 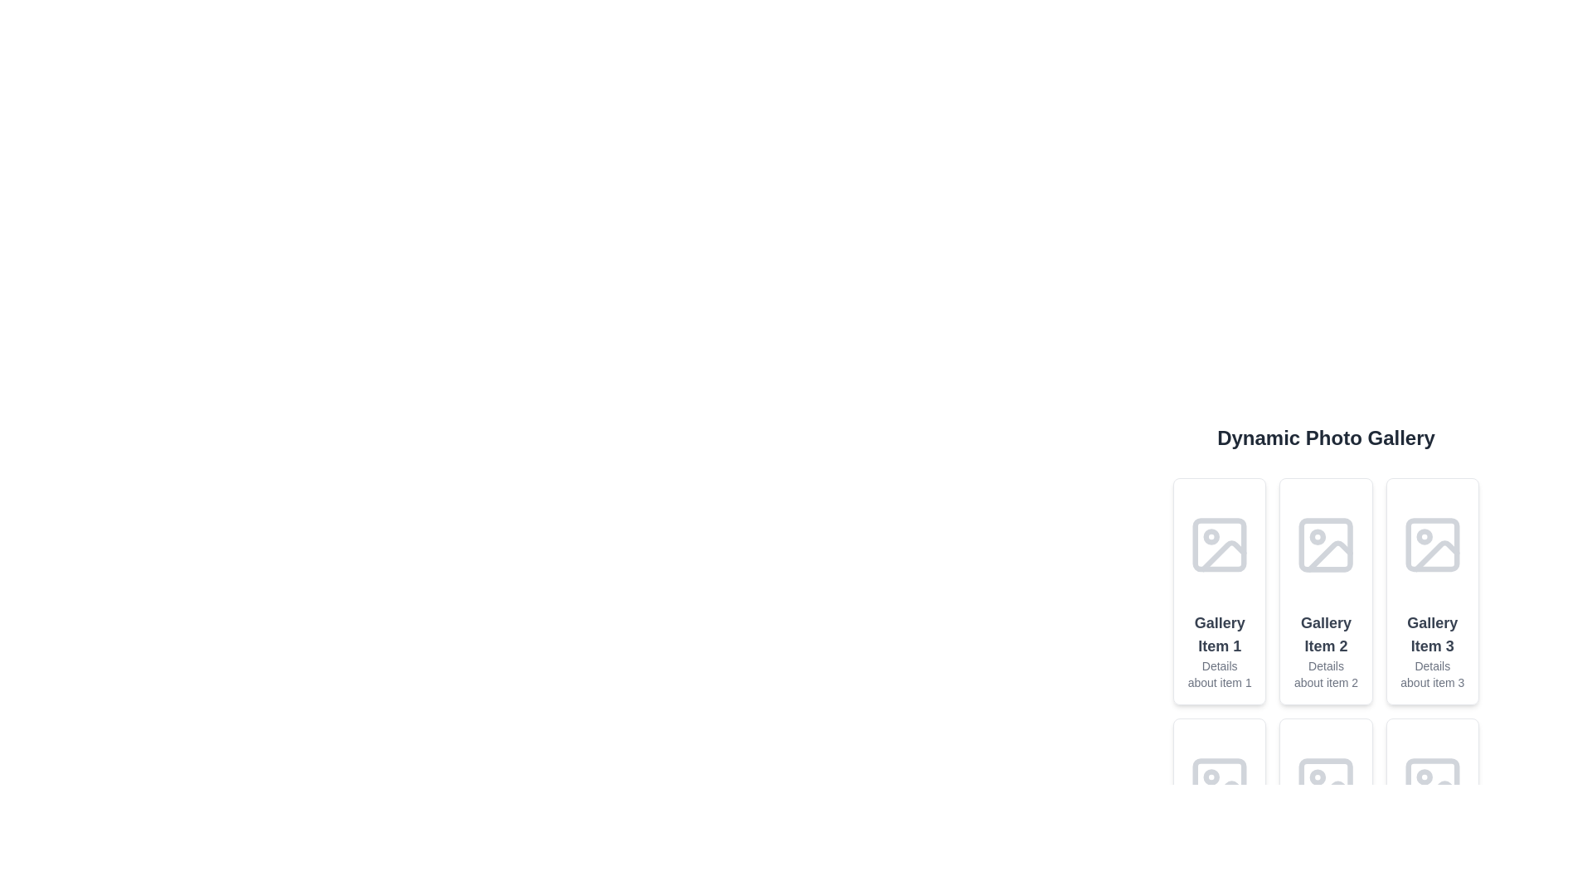 What do you see at coordinates (1424, 777) in the screenshot?
I see `the small filled circle in the second row and third column of the grid-like gallery layout, which is part of an SVG graphic representing an image placeholder icon` at bounding box center [1424, 777].